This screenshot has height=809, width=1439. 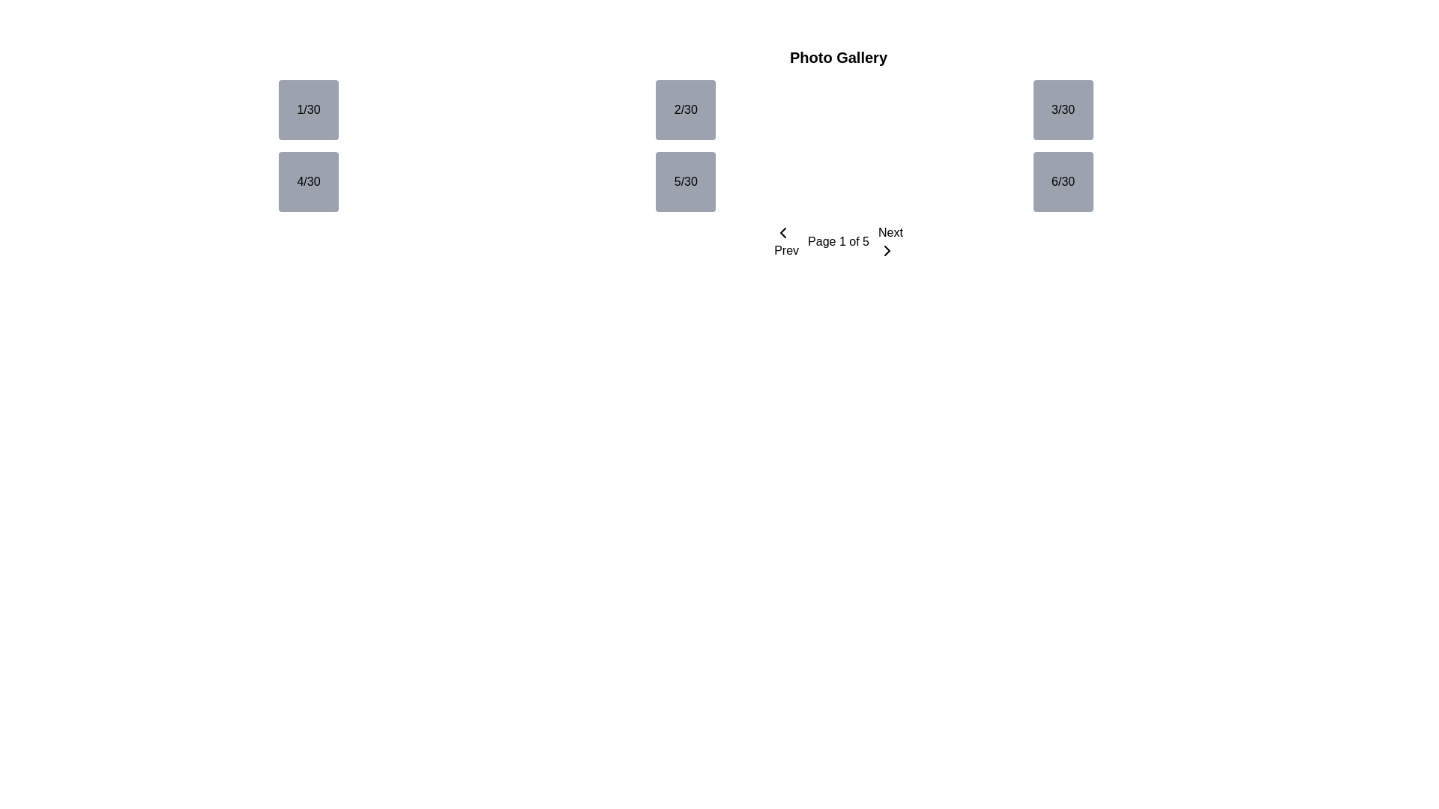 What do you see at coordinates (837, 57) in the screenshot?
I see `the title text 'Photo Gallery' which is bold and large, located at the top of the layout` at bounding box center [837, 57].